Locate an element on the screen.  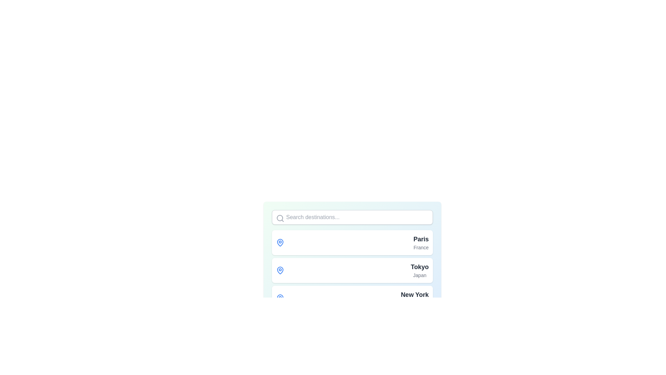
the title header element that identifies the destination name 'Paris', located above the text 'France' in the right-middle panel is located at coordinates (421, 239).